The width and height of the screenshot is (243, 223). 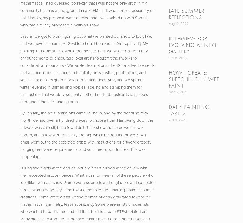 What do you see at coordinates (177, 120) in the screenshot?
I see `'Oct 5, 2021'` at bounding box center [177, 120].